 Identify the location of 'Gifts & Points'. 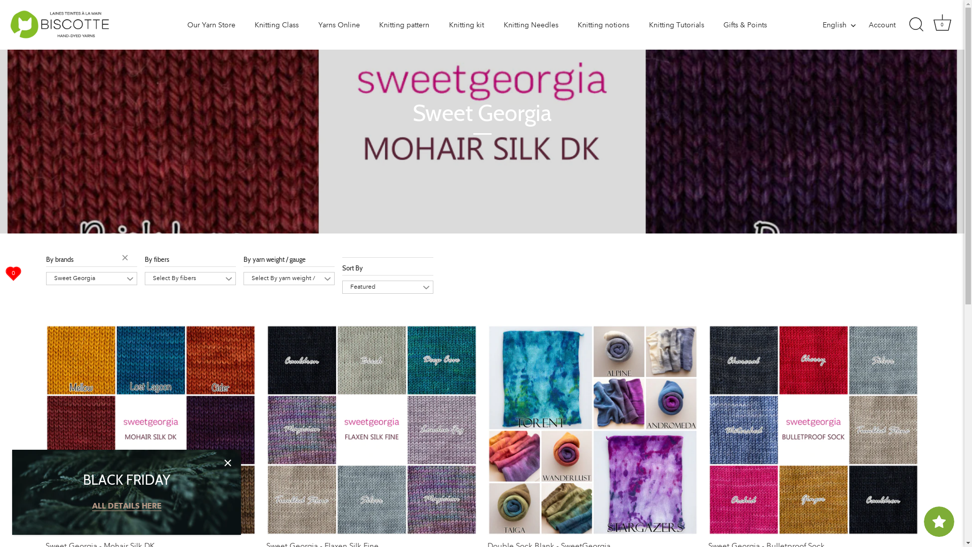
(745, 24).